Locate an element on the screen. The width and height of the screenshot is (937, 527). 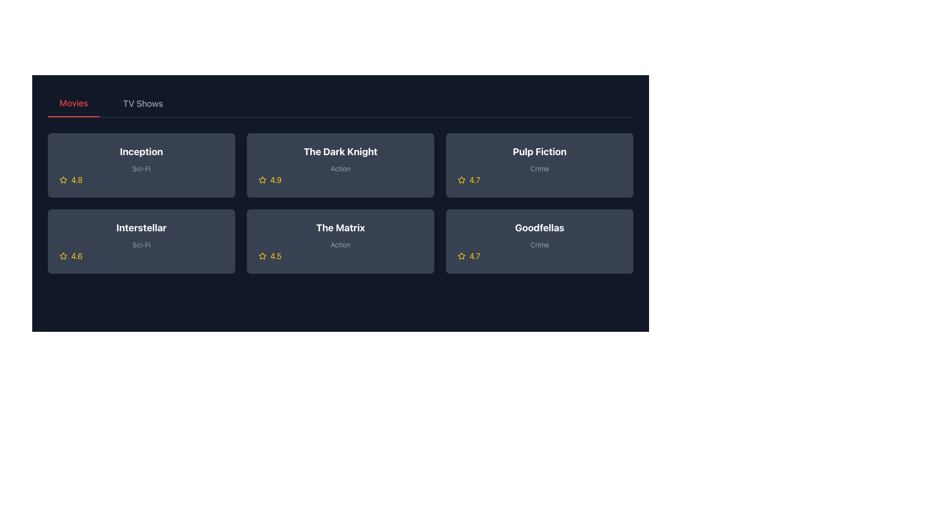
the star-shaped yellow icon representing the rating for the movie 'Inception' in the upper-left card of the grid layout in the 'Movies' section is located at coordinates (62, 180).